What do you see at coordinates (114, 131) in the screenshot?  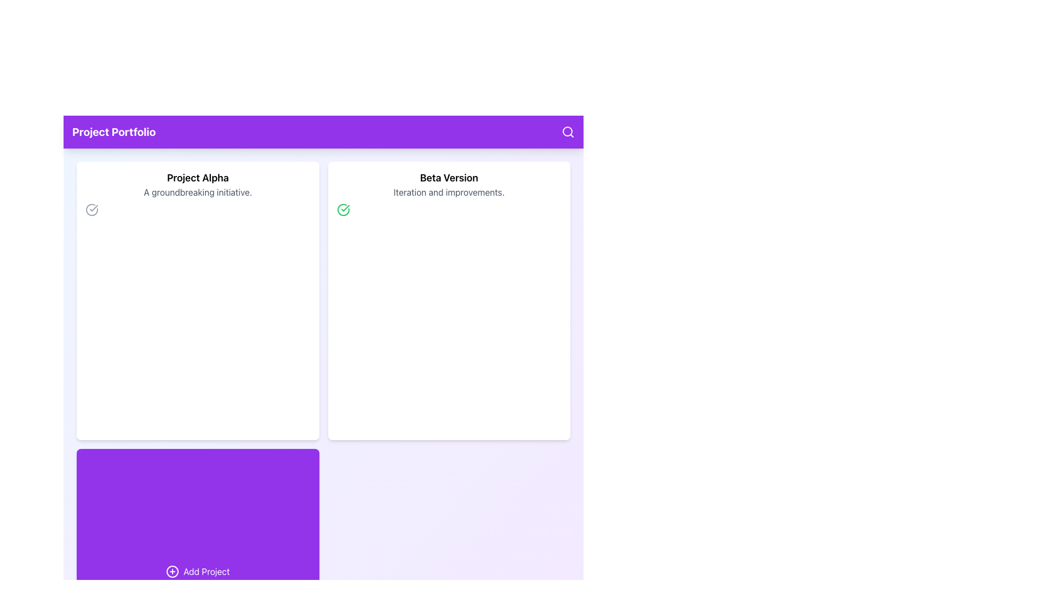 I see `text from the Text Label located in the header bar at the top left, which serves as the title for the associated interface section` at bounding box center [114, 131].